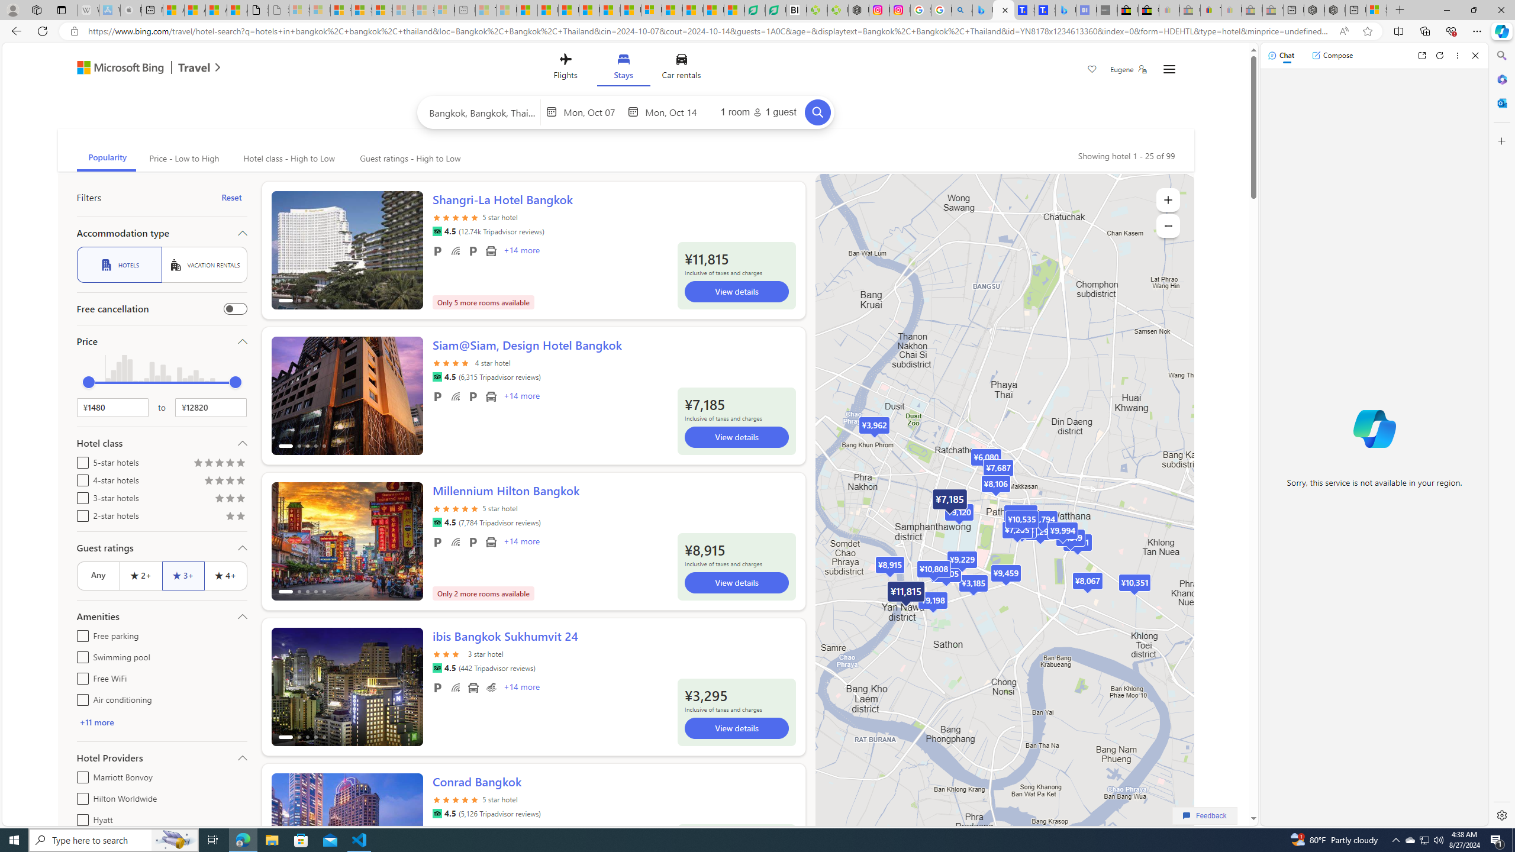 This screenshot has width=1515, height=852. I want to click on 'Search hotels or place', so click(482, 111).